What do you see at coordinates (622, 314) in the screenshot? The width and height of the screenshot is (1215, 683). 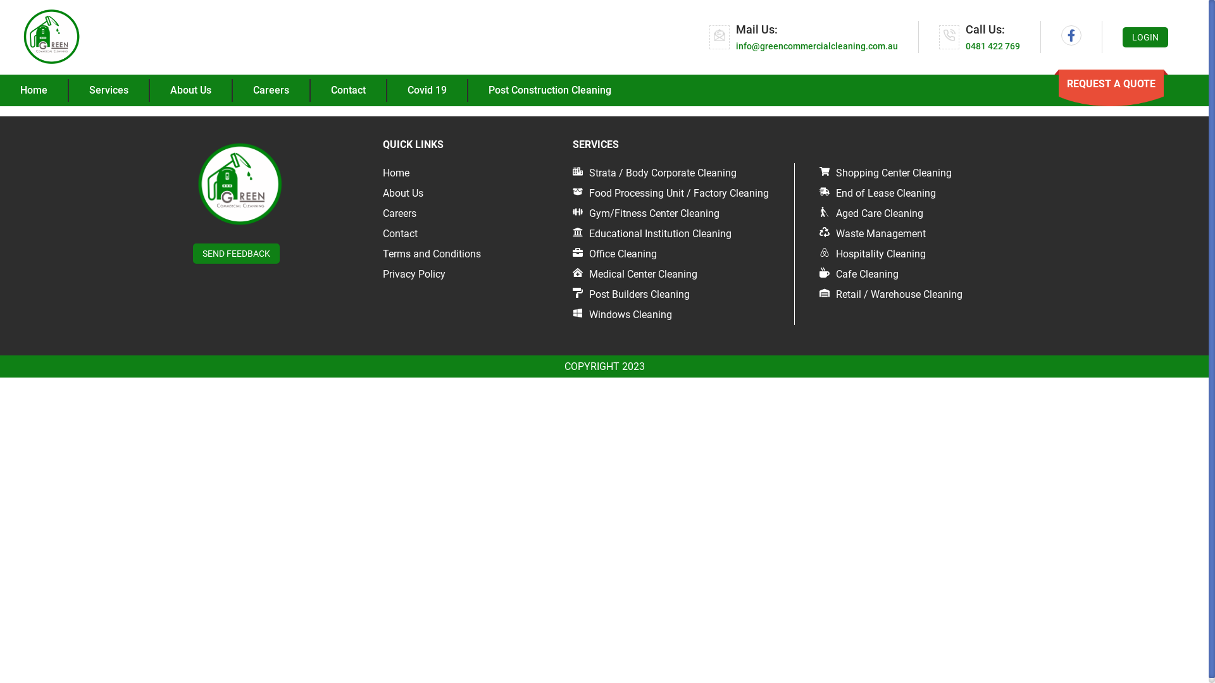 I see `'Windows Cleaning'` at bounding box center [622, 314].